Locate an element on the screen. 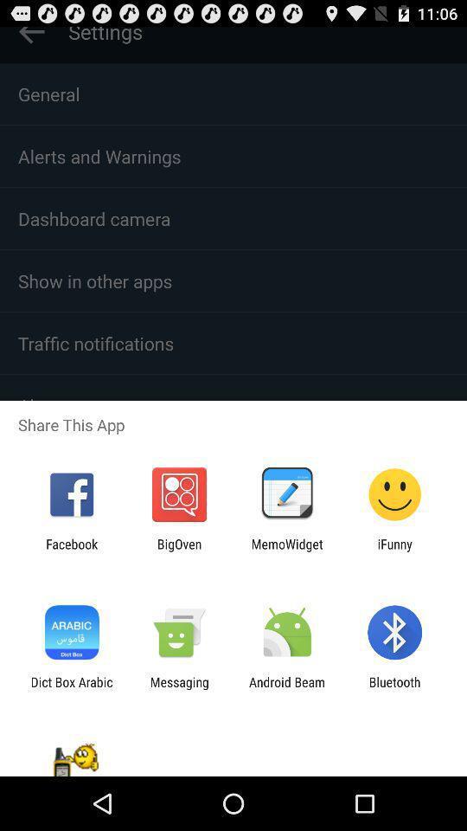 This screenshot has width=467, height=831. item to the left of the bluetooth item is located at coordinates (287, 689).